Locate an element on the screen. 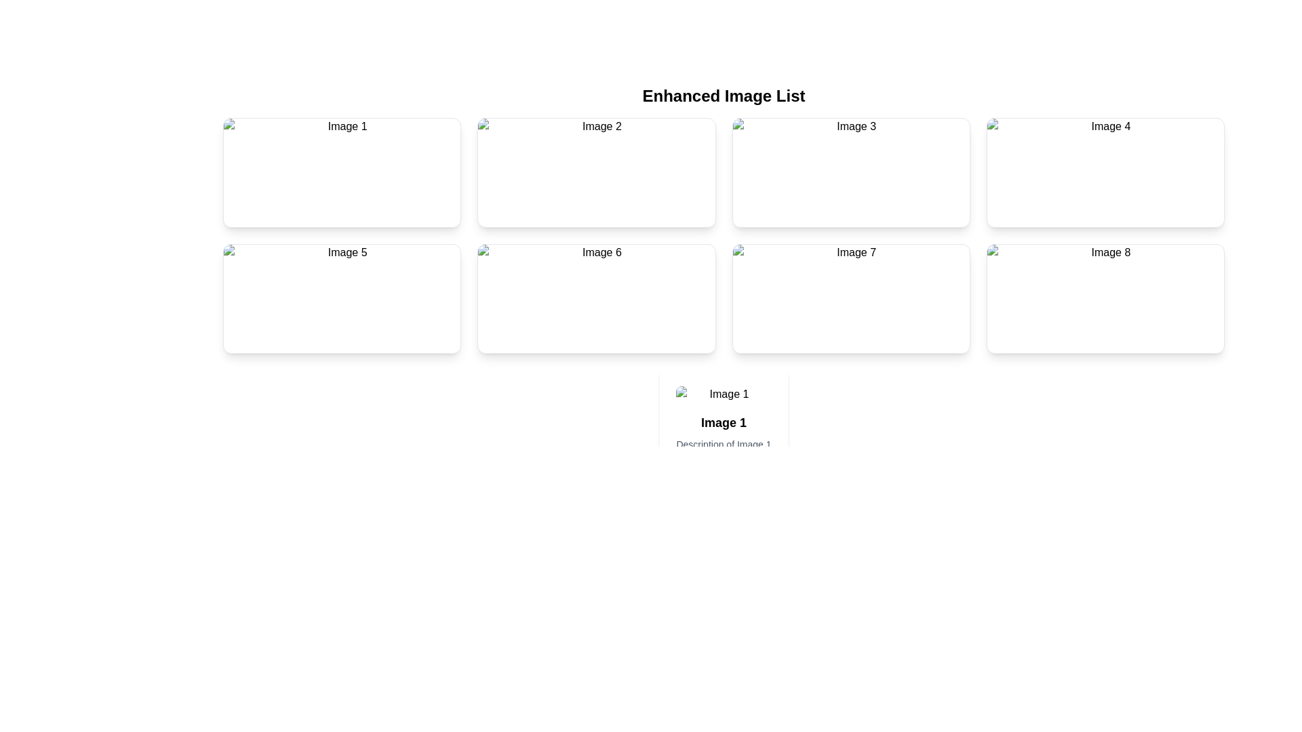 The width and height of the screenshot is (1302, 732). the image labeled 'Image 4' located in the second row, first column of the grid layout is located at coordinates (1105, 171).